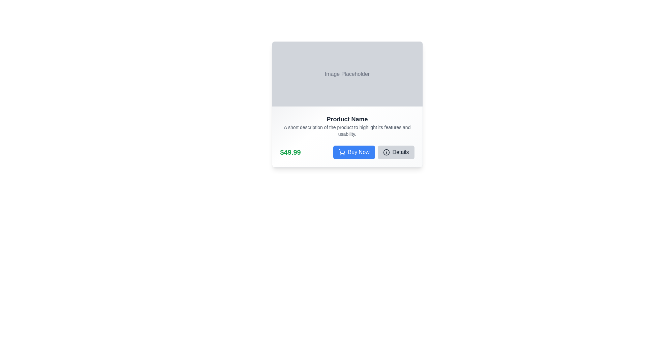 This screenshot has height=364, width=647. Describe the element at coordinates (386, 152) in the screenshot. I see `the icon located to the left of the text label 'Details' within the 'Details' button in the lower right of the product information card` at that location.